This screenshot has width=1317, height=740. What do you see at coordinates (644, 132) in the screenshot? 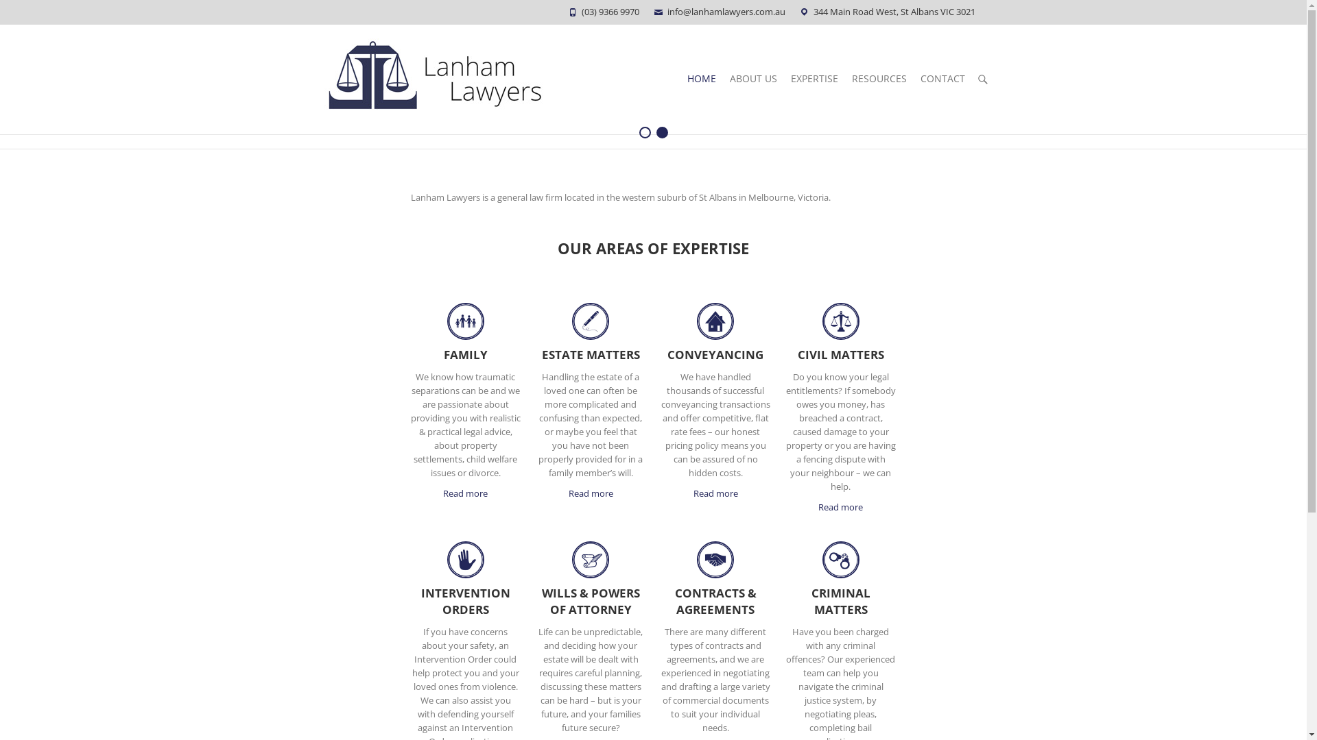
I see `'1'` at bounding box center [644, 132].